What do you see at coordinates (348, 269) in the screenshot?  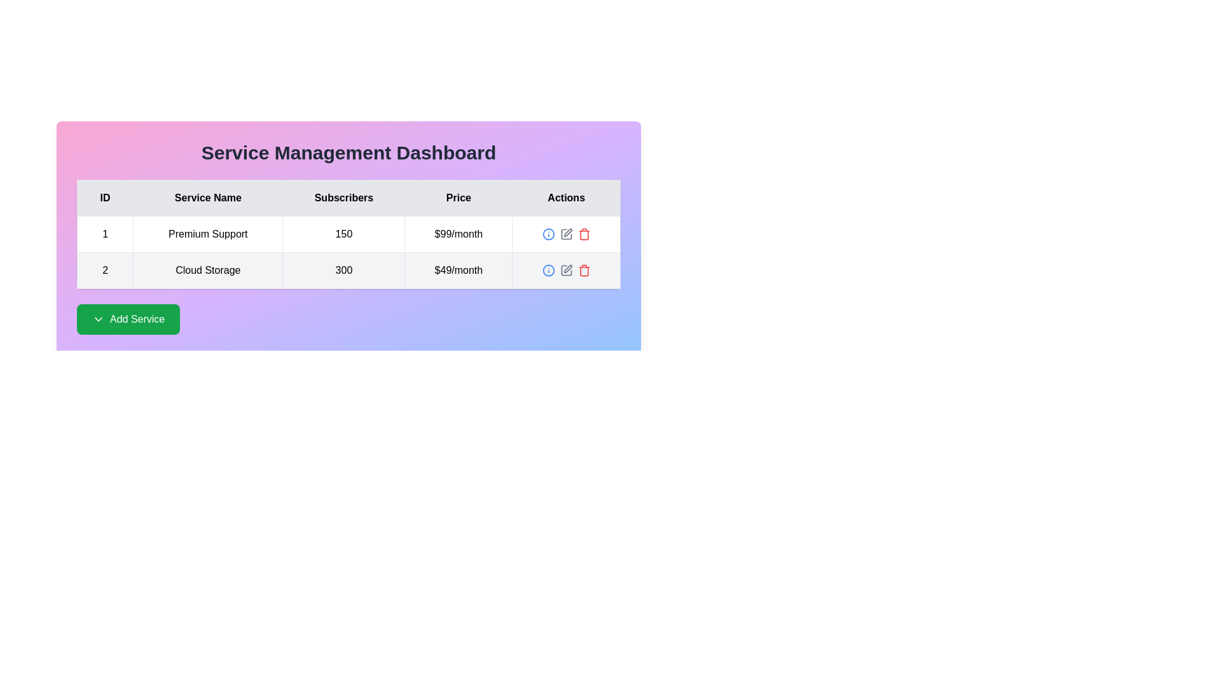 I see `the table row representing the service 'Cloud Storage', which is the second row in the table and displays details such as ID, name, subscribers count, pricing, and actionable icons for management` at bounding box center [348, 269].